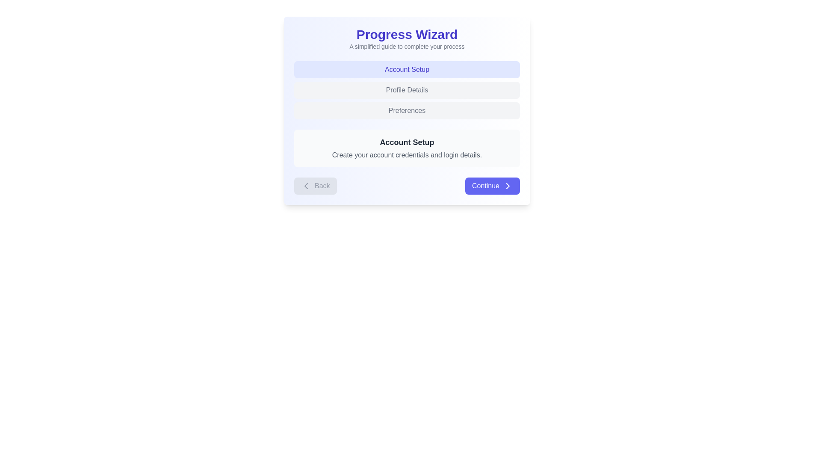 The image size is (821, 462). I want to click on the 'Profile Details' tab in the Tabbed navigation component located under the 'Progress Wizard' heading, so click(406, 90).